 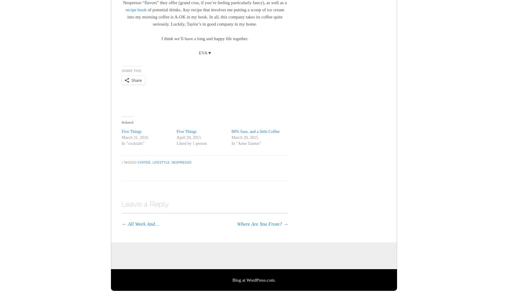 What do you see at coordinates (206, 17) in the screenshot?
I see `'of potential drinks. Any recipe that involves me putting a scoop of ice cream into my morning coffee is A-OK in my book. In all, this company takes its coffee quite seriously. Luckily, Taylor’s in good company in my home.'` at bounding box center [206, 17].